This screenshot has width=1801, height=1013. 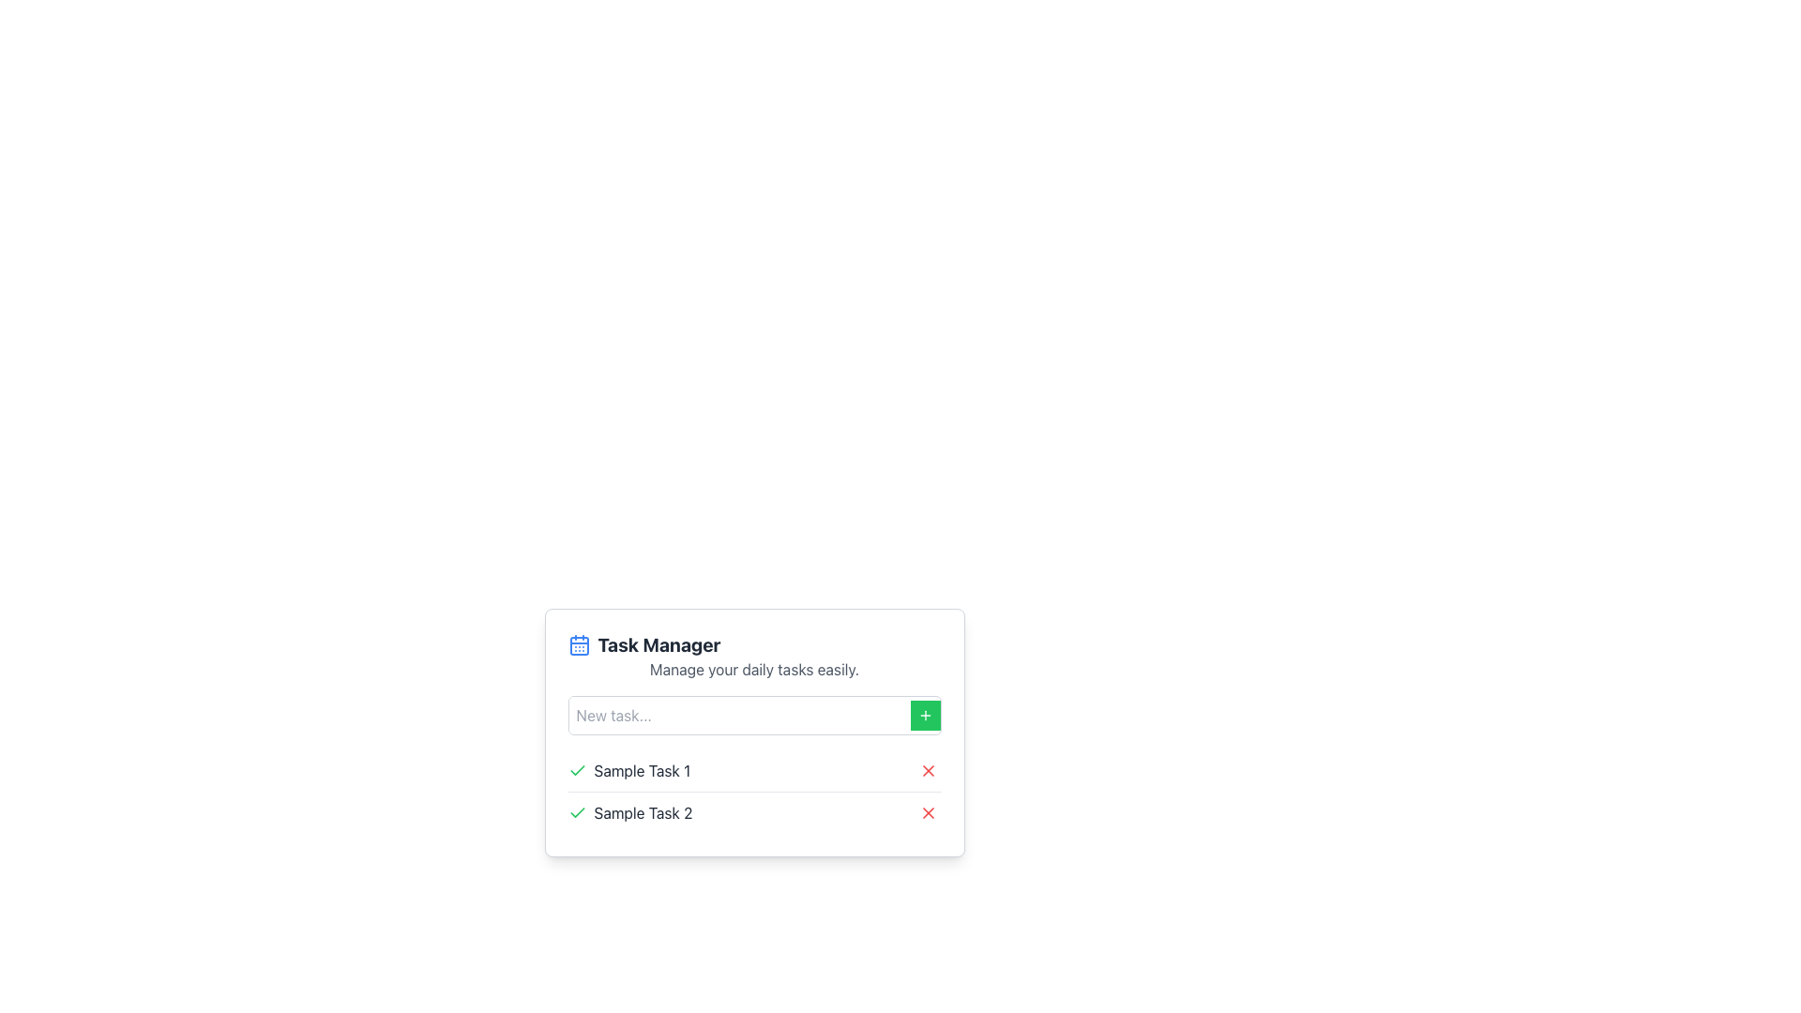 What do you see at coordinates (630, 812) in the screenshot?
I see `to select the second task label in the task management interface, which is positioned below 'Sample Task 1' and above a red cross icon` at bounding box center [630, 812].